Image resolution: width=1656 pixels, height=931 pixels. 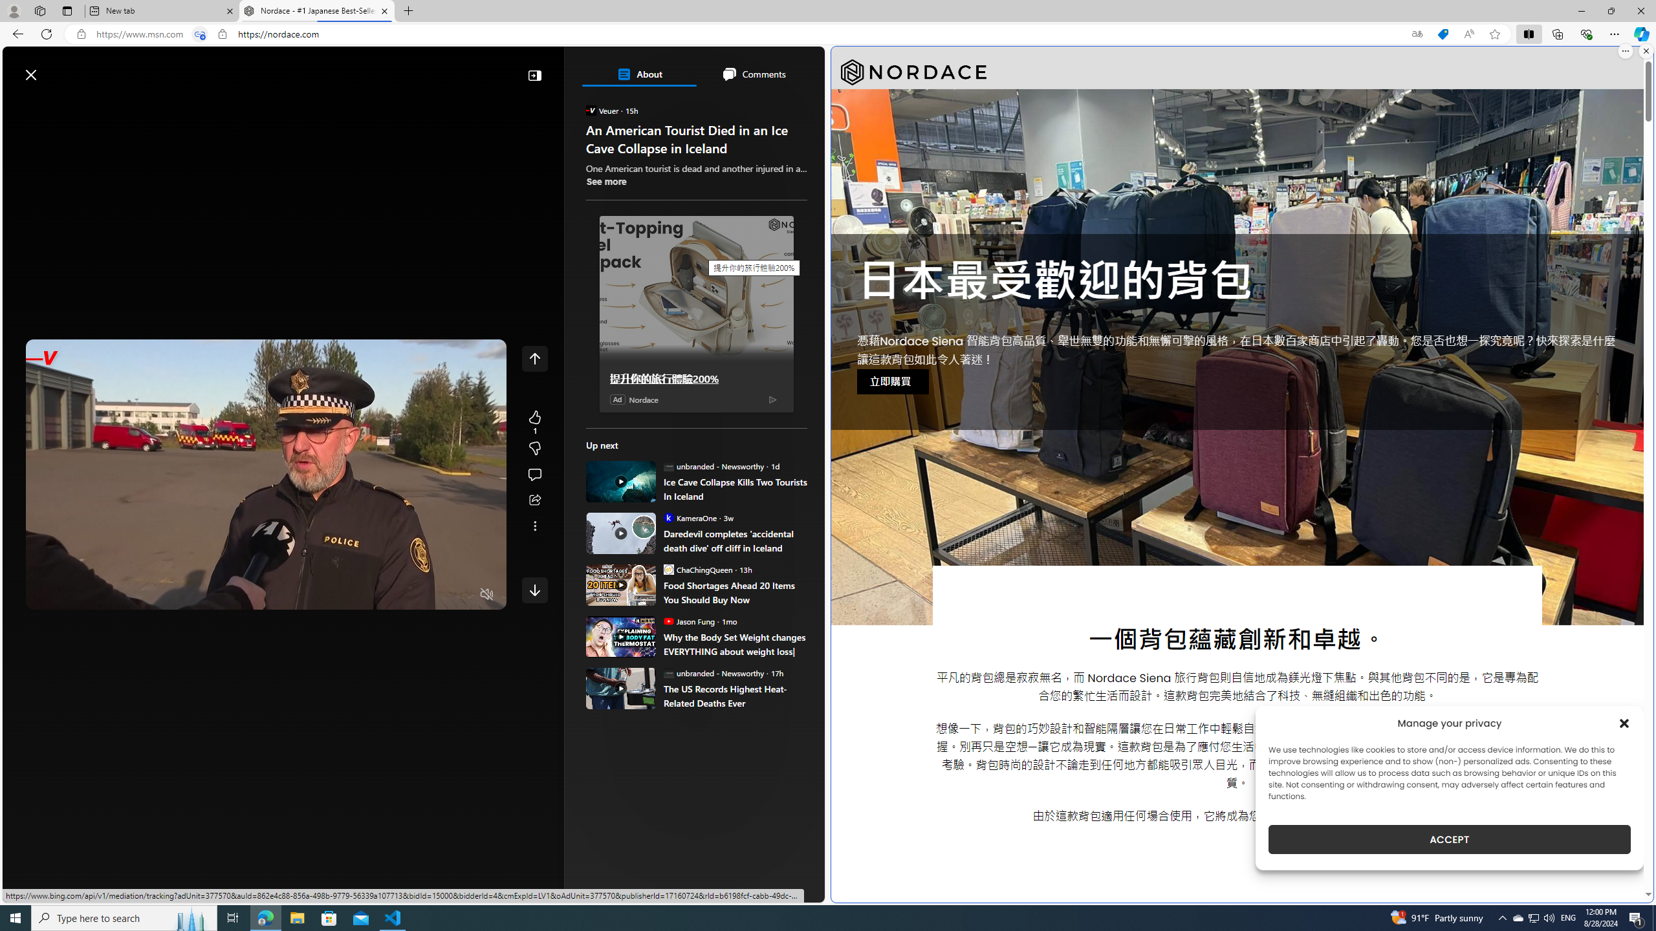 I want to click on 'Ice Cave Collapse Kills Two Tourists In Iceland', so click(x=735, y=488).